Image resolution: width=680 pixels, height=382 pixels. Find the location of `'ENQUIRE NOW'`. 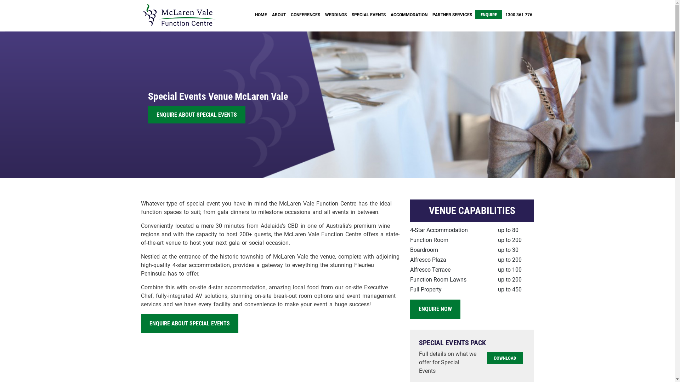

'ENQUIRE NOW' is located at coordinates (435, 309).